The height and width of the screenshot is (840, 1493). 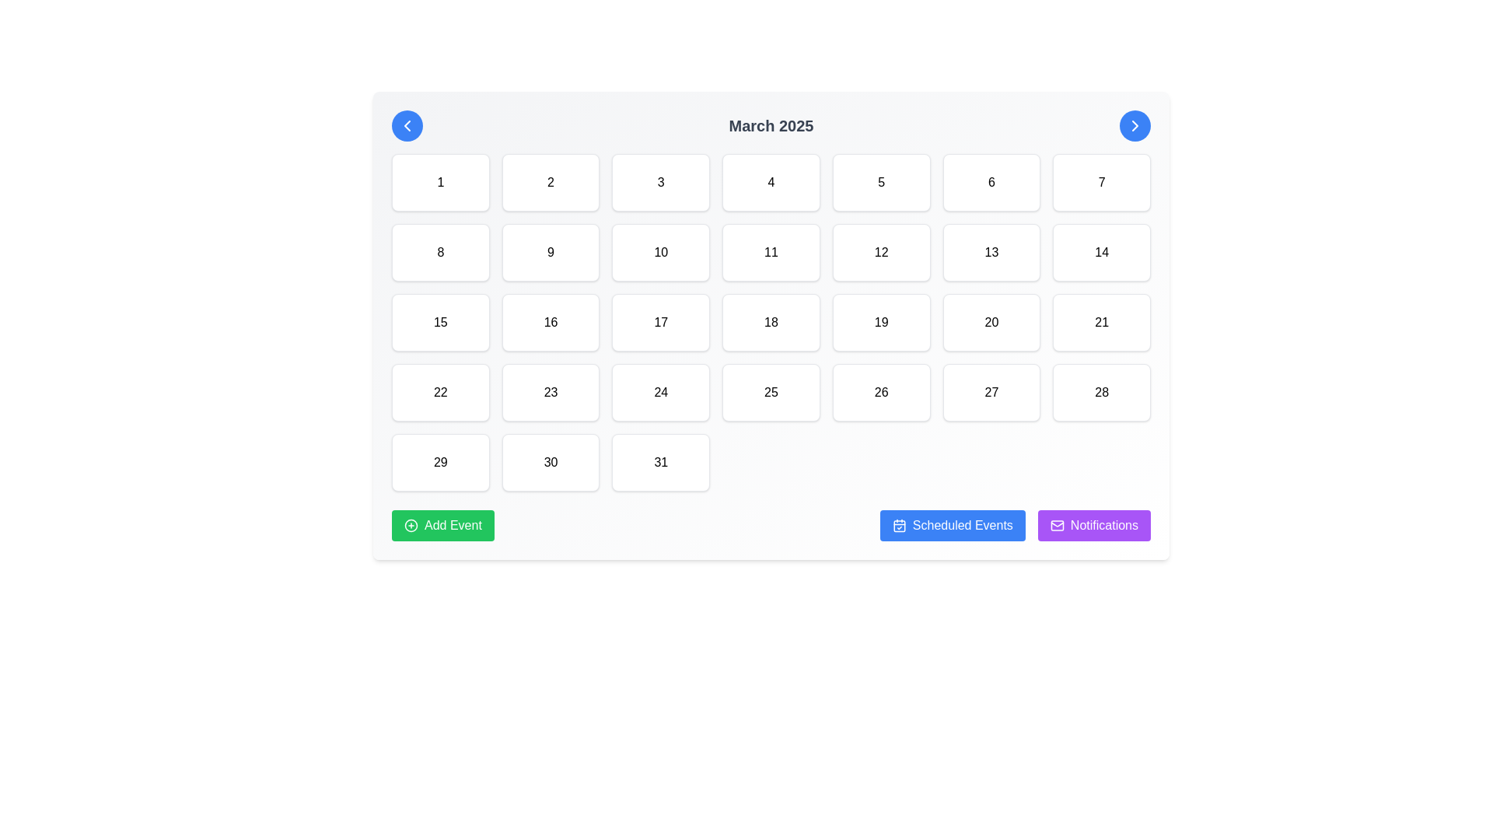 I want to click on the purple mail icon that is part of the 'Notifications' button located at the bottom-right corner of the interface, so click(x=1057, y=525).